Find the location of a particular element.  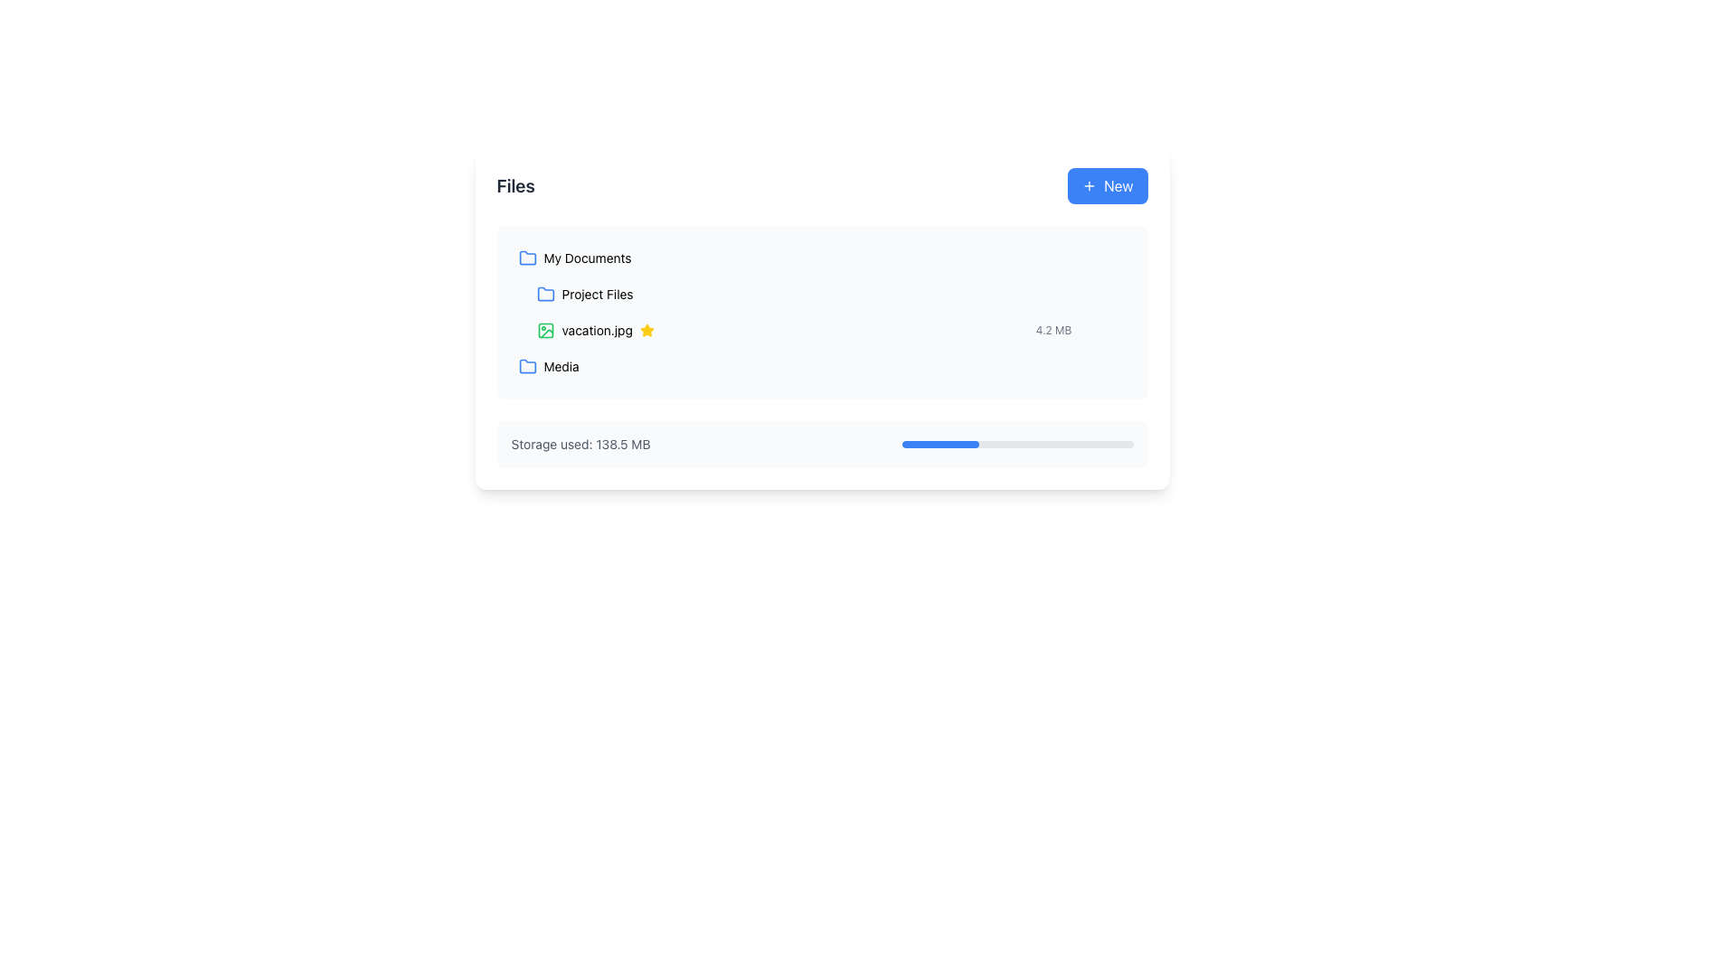

the text label that displays the file size of the 'vacation.jpg' file, located on the right side of the file entry, to provide users with additional information about the storage requirements is located at coordinates (1053, 331).